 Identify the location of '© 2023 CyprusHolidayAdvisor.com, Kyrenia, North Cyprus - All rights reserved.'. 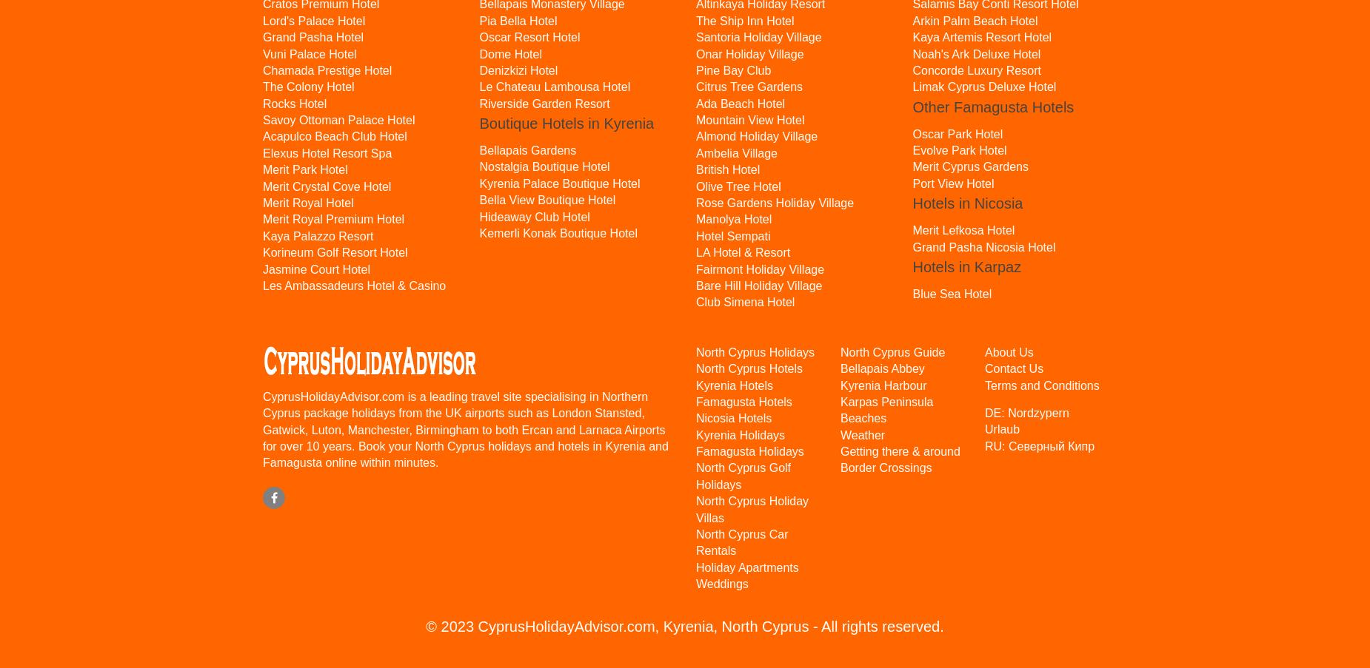
(684, 626).